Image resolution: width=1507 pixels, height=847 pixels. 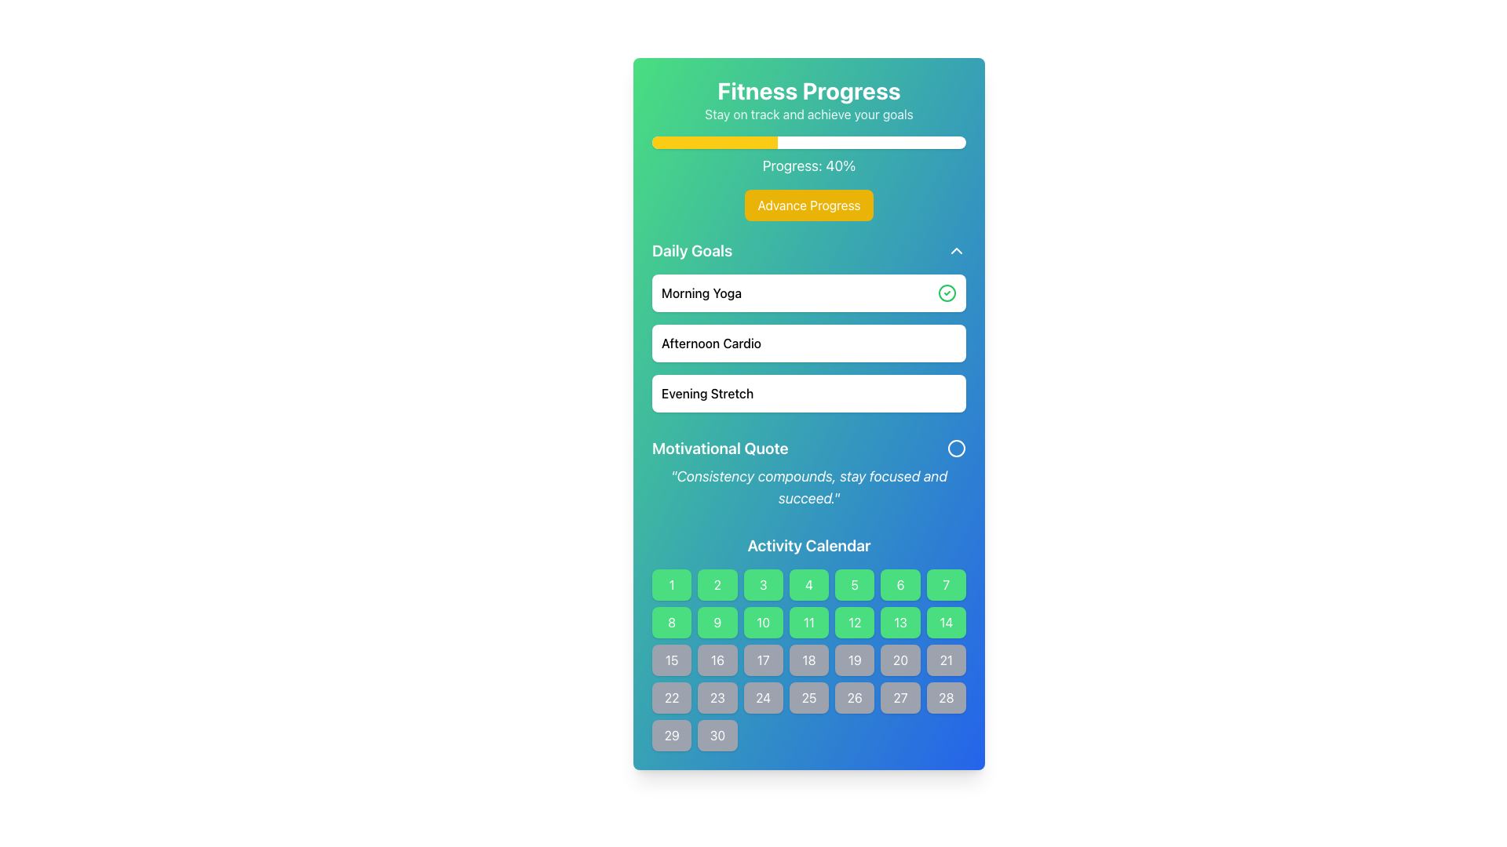 What do you see at coordinates (809, 486) in the screenshot?
I see `the motivational quote text element that reads 'Consistency compounds, stay focused and succeed.' located beneath the label 'Motivational Quote' in the 'Daily Goals' section` at bounding box center [809, 486].